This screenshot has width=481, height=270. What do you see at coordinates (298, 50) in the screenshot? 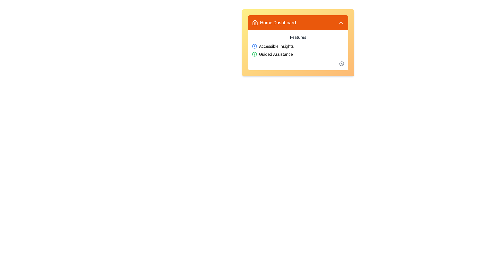
I see `the 'Guided Assistance' section in the Group containing multiple clickable links, which is located centrally below the title 'Features.'` at bounding box center [298, 50].